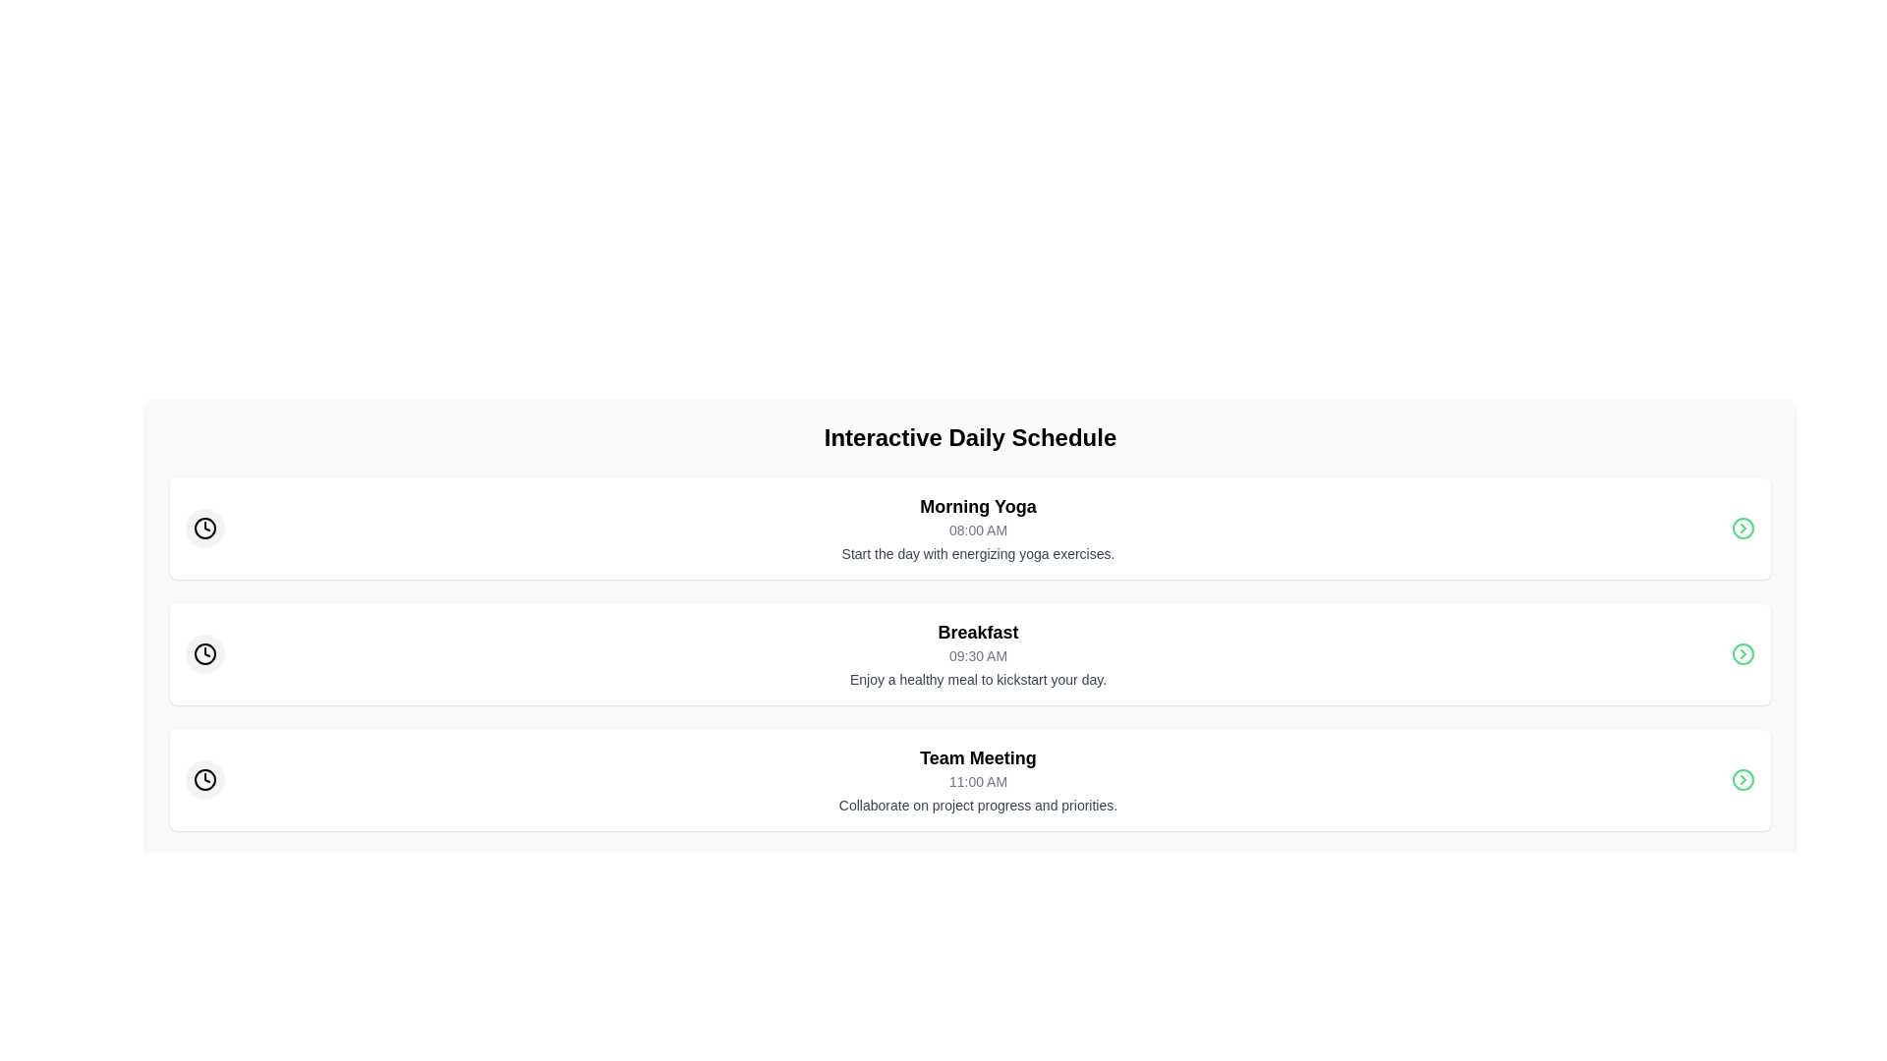 The image size is (1887, 1061). What do you see at coordinates (205, 779) in the screenshot?
I see `the clock icon located in the 'Team Meeting' section, which visually represents time and is positioned in the far-left side of the third row` at bounding box center [205, 779].